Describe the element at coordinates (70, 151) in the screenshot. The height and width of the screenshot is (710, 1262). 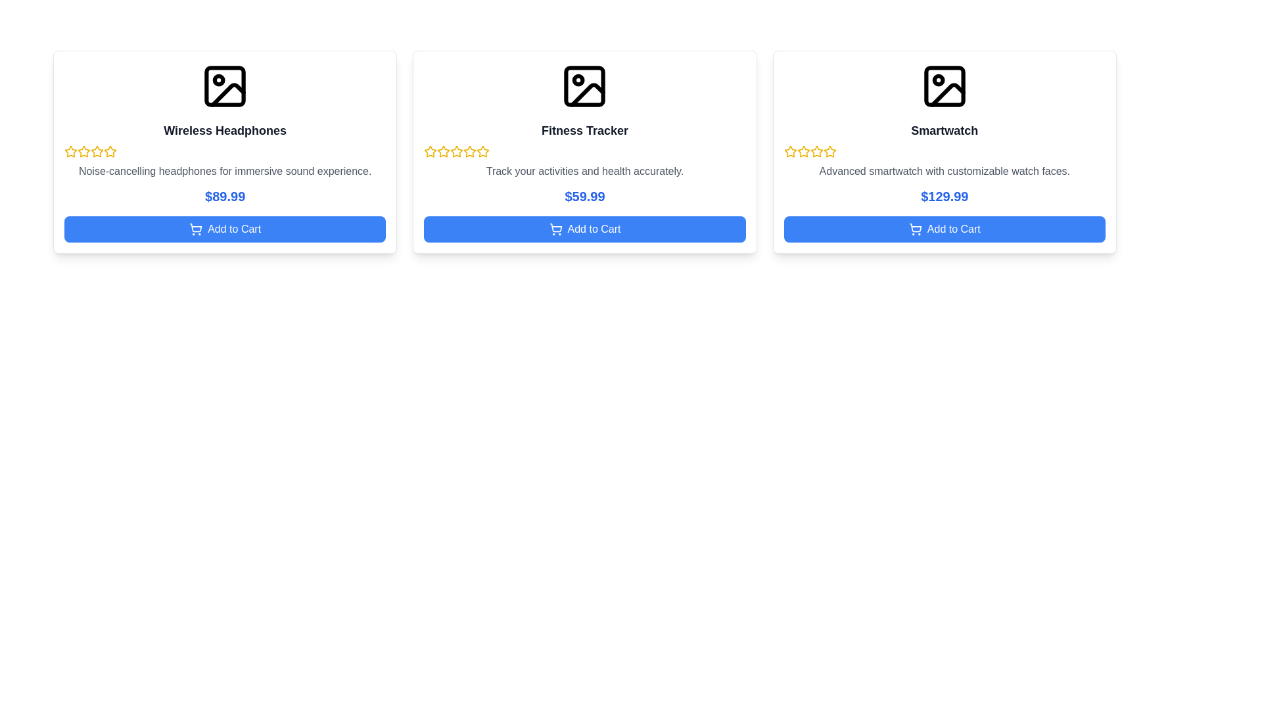
I see `the first rating star icon located at the top-left corner of the 'Wireless Headphones' card to rate it` at that location.